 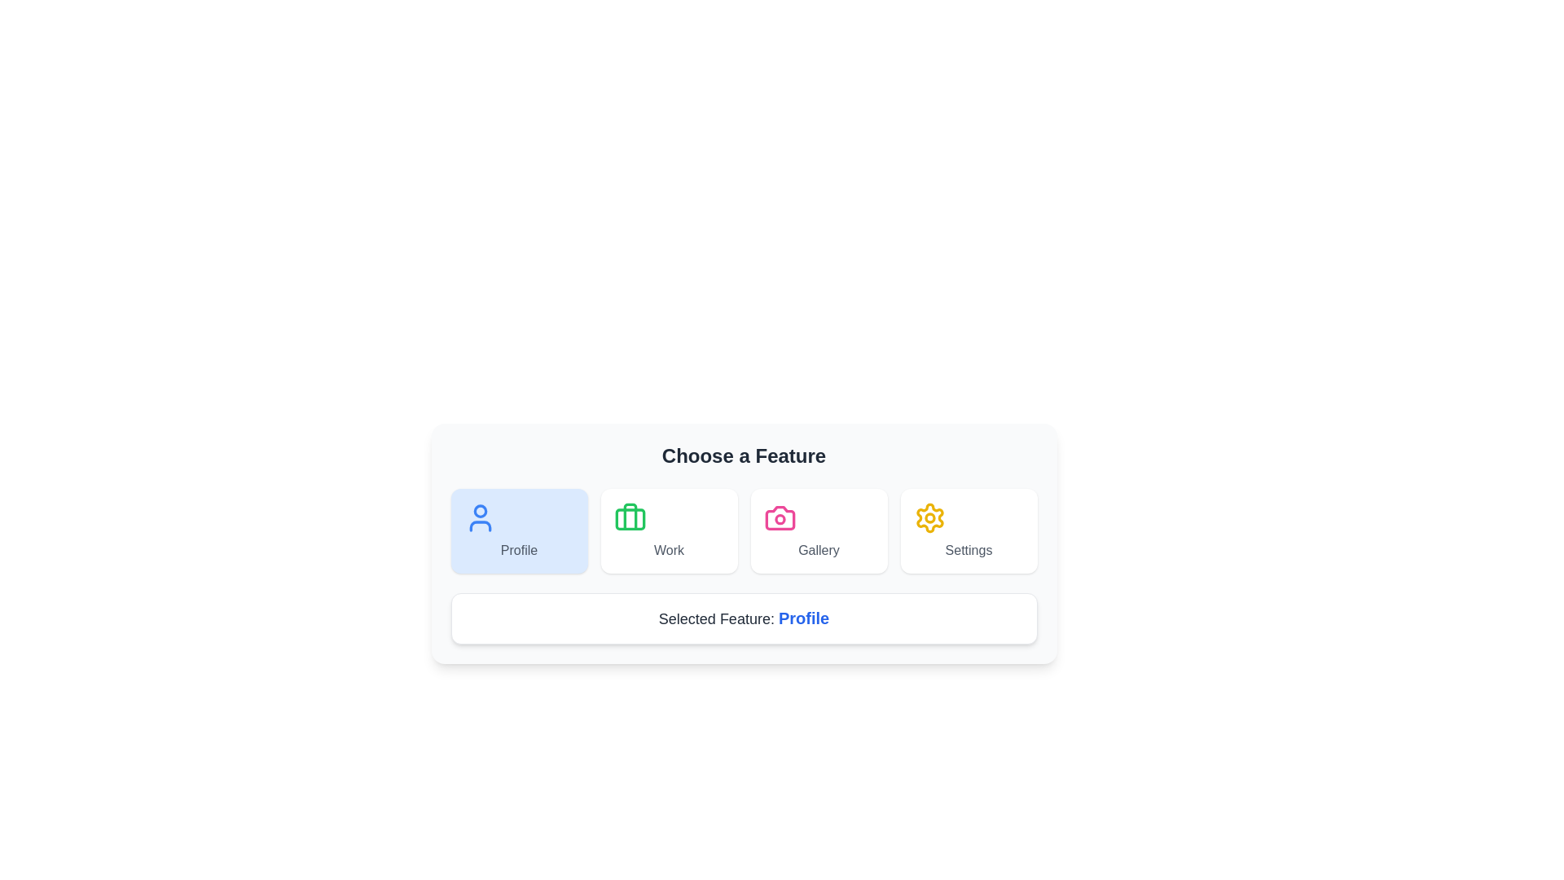 What do you see at coordinates (819, 530) in the screenshot?
I see `the 'Gallery' button, which is the third item in a grid layout, positioned between the 'Work' and 'Settings' items` at bounding box center [819, 530].